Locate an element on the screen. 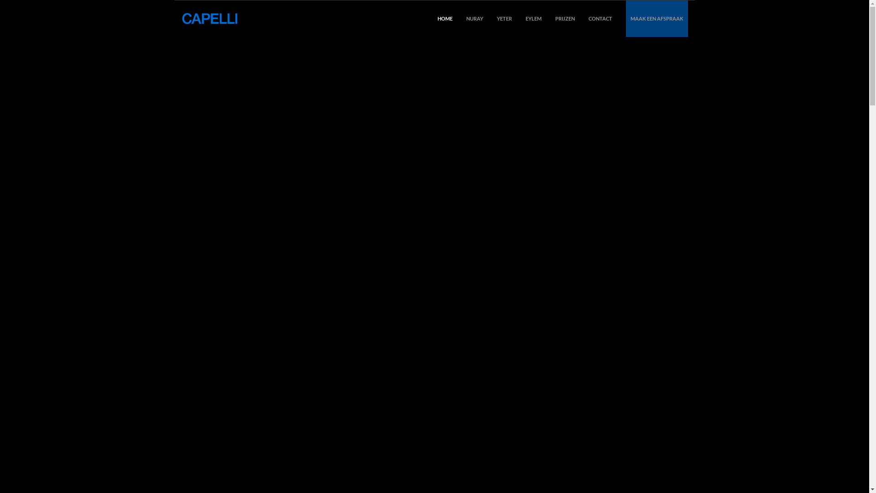  'HOME' is located at coordinates (437, 19).